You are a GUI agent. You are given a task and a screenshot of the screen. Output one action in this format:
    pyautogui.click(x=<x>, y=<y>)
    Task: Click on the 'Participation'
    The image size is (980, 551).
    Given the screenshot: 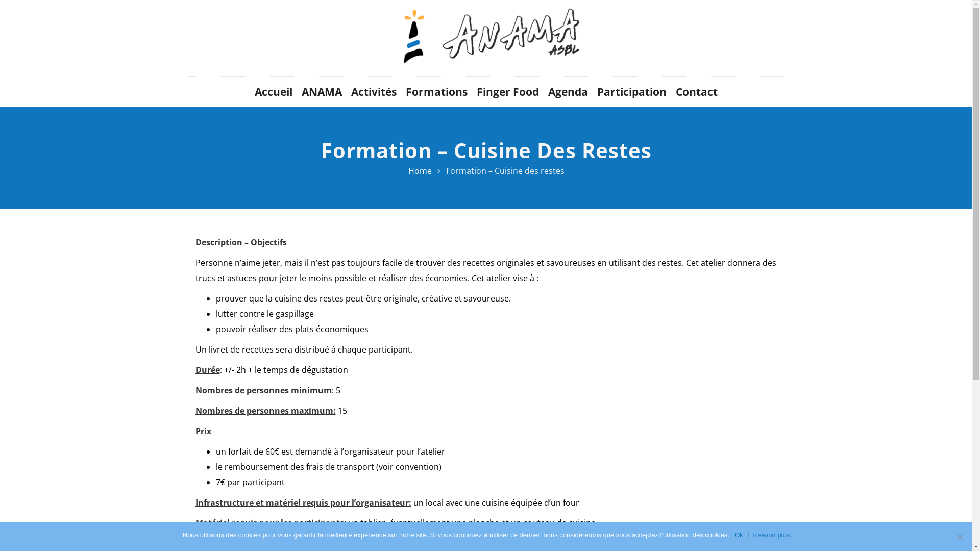 What is the action you would take?
    pyautogui.click(x=631, y=92)
    